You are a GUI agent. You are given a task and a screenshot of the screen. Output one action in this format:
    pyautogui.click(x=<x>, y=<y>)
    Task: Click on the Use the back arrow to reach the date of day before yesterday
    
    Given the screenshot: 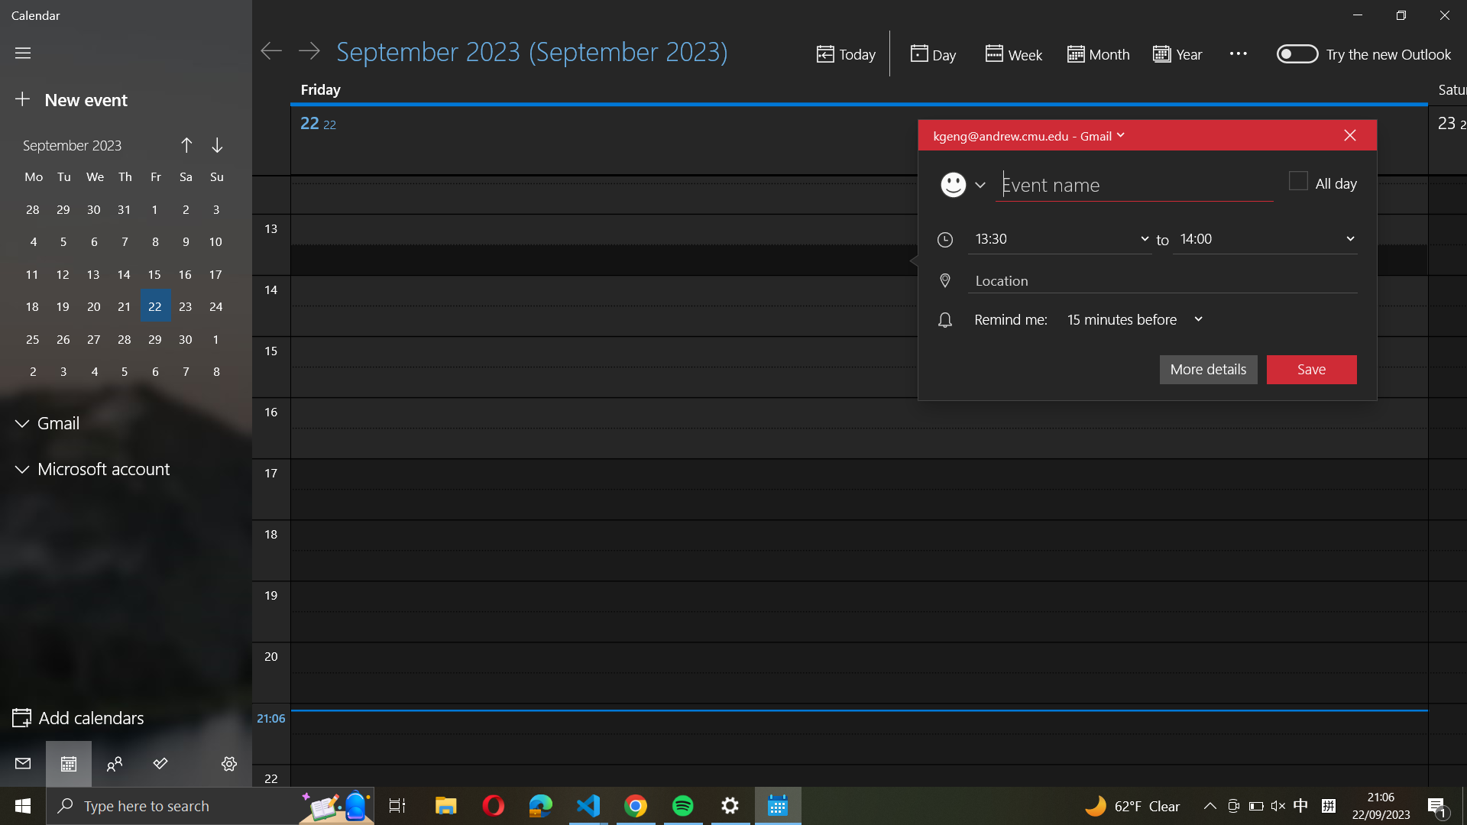 What is the action you would take?
    pyautogui.click(x=271, y=50)
    